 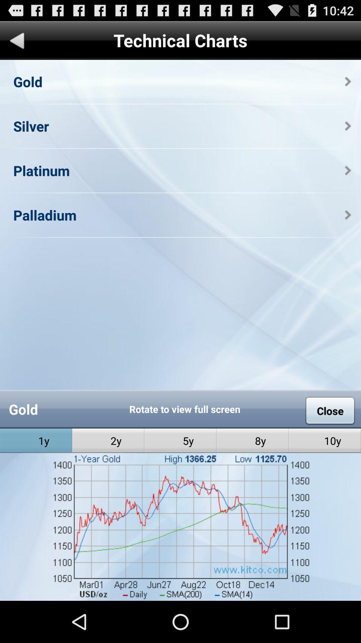 I want to click on go back, so click(x=17, y=42).